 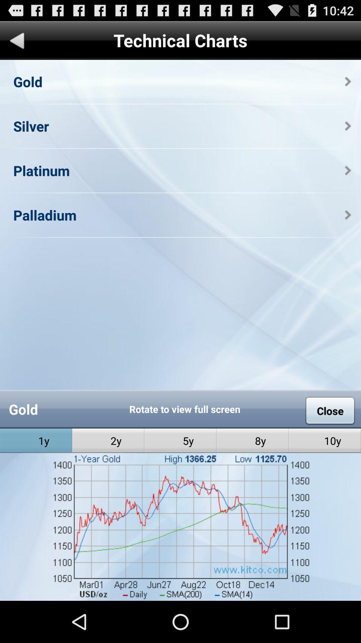 I want to click on go back, so click(x=17, y=42).